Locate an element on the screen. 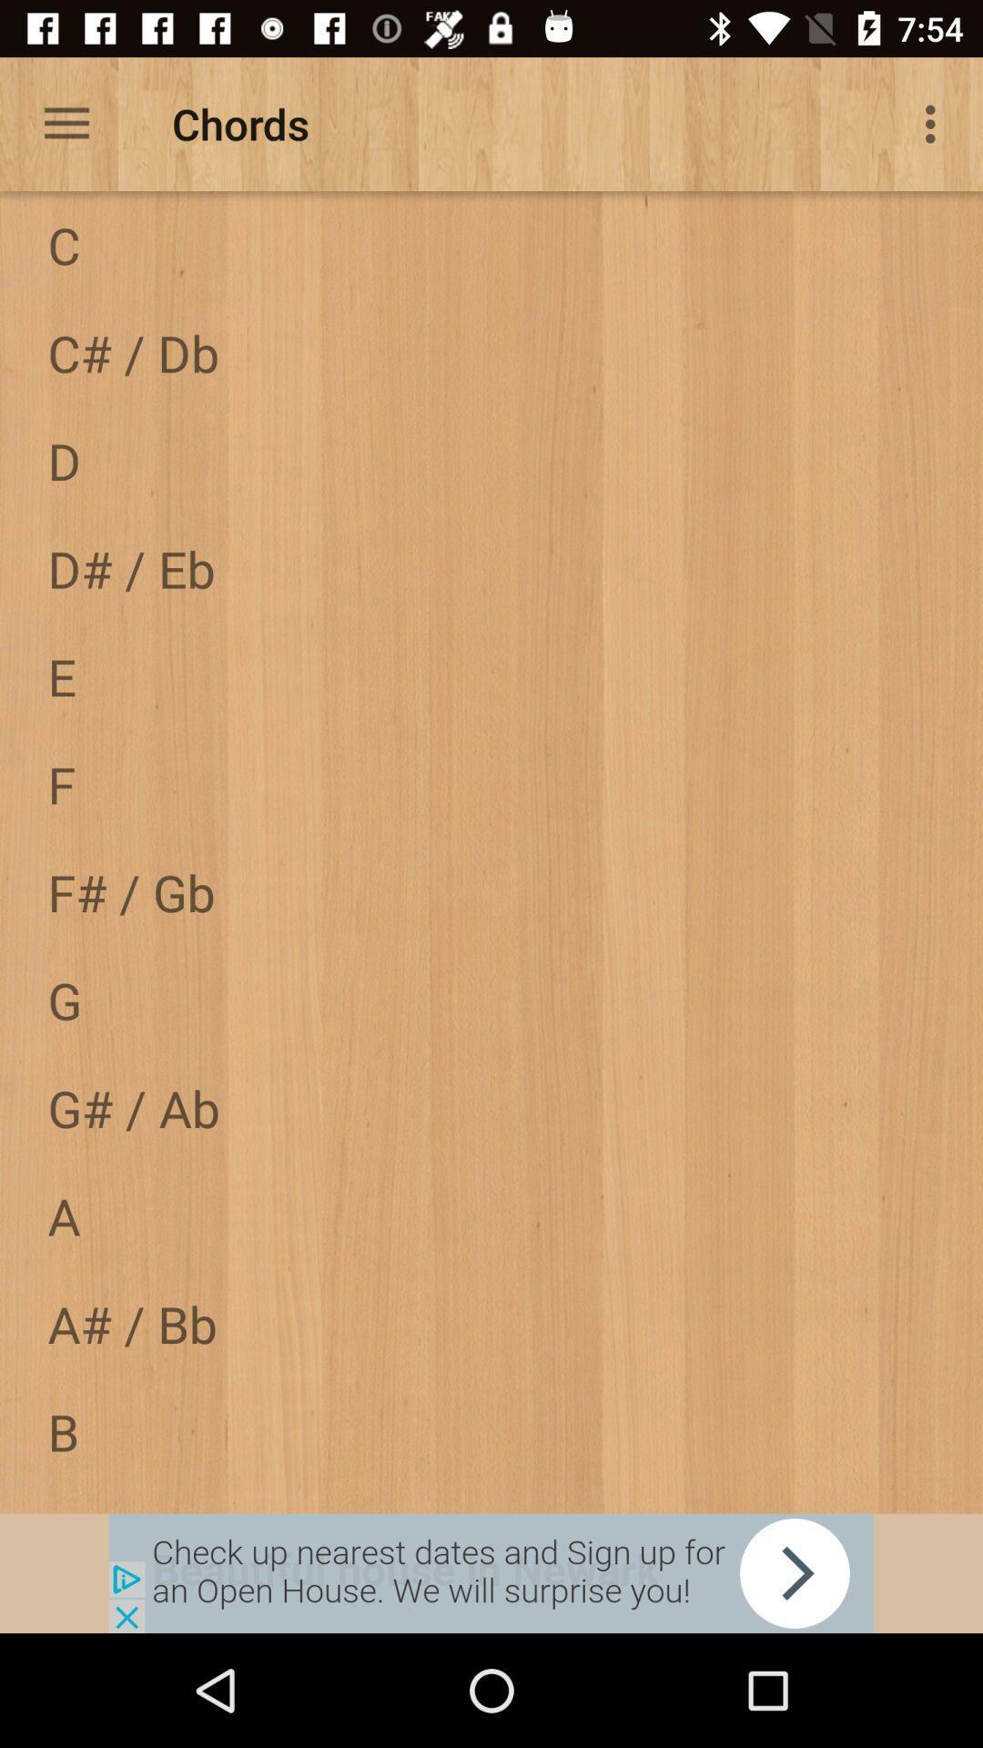 The height and width of the screenshot is (1748, 983). open advertisement is located at coordinates (491, 1572).